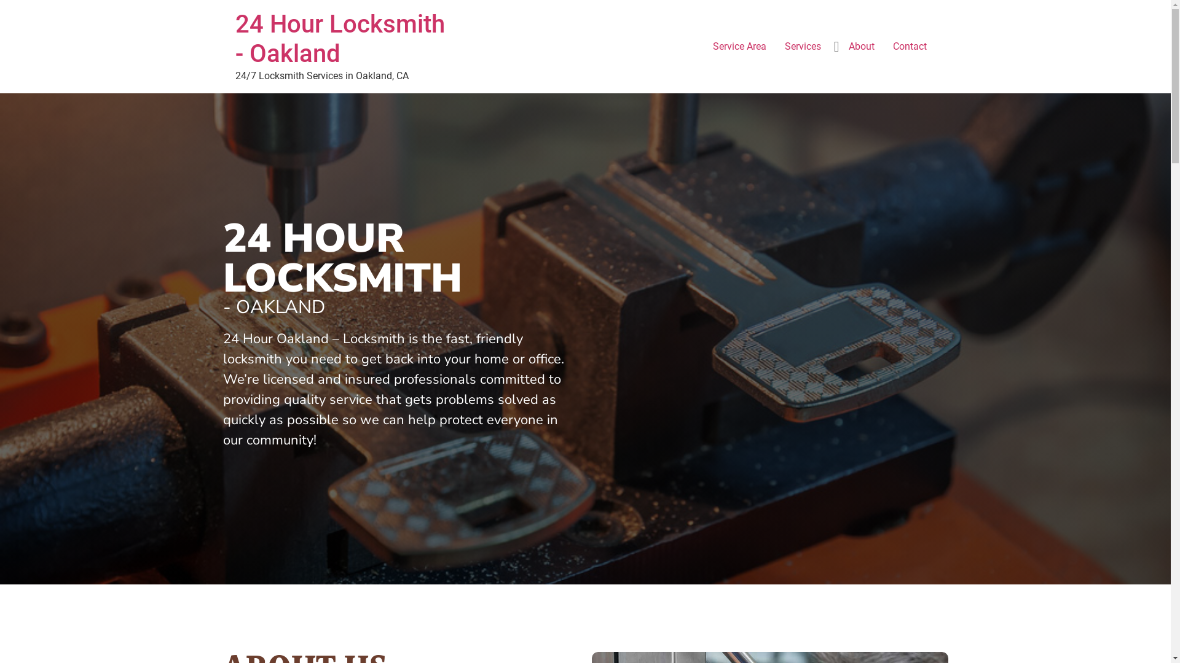  Describe the element at coordinates (738, 46) in the screenshot. I see `'Service Area'` at that location.